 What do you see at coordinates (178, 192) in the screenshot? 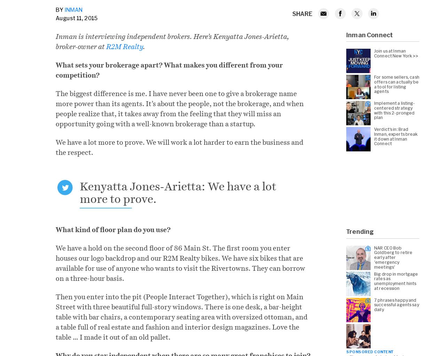
I see `'Kenyatta Jones-Arietta: We have a lot more to prove.'` at bounding box center [178, 192].